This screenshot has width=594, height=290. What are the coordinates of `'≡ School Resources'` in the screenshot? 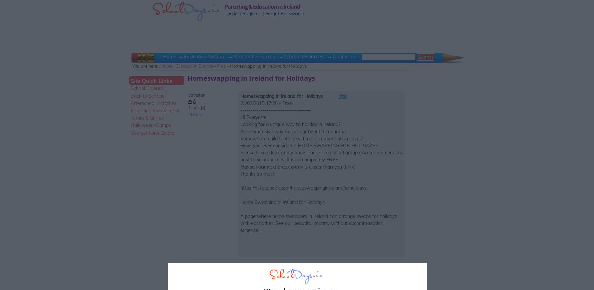 It's located at (303, 56).